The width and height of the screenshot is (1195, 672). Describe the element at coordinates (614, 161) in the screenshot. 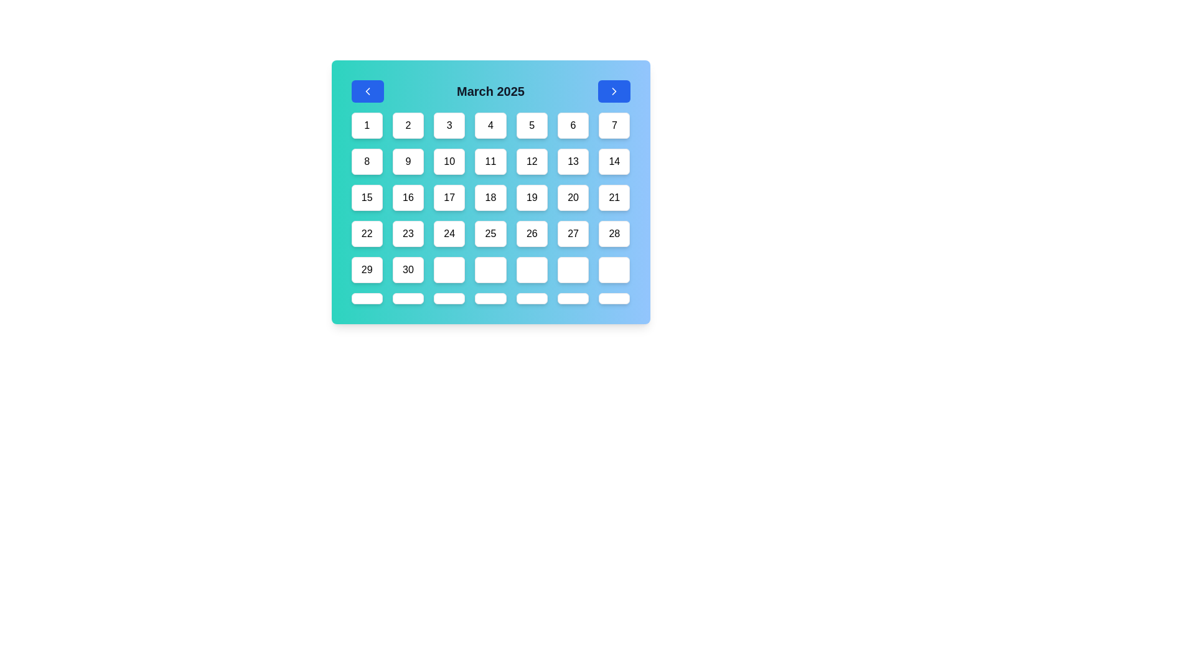

I see `the Text Display Box containing the date '14' in the calendar interface for March 2025` at that location.